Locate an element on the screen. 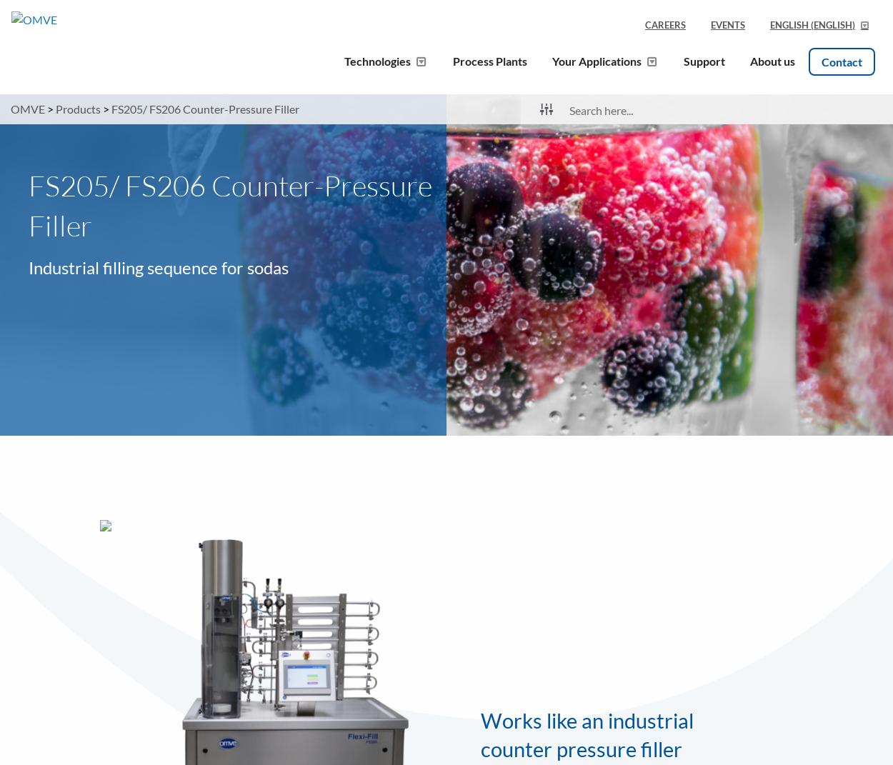 This screenshot has height=765, width=893. 'Support' is located at coordinates (682, 60).